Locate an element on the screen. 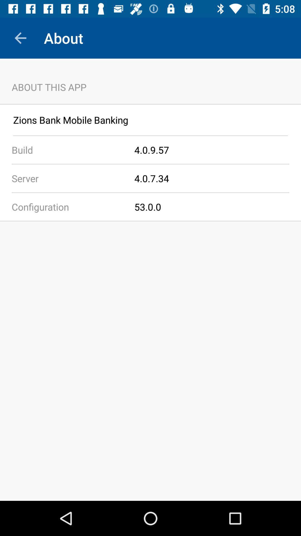 This screenshot has height=536, width=301. server icon is located at coordinates (67, 178).